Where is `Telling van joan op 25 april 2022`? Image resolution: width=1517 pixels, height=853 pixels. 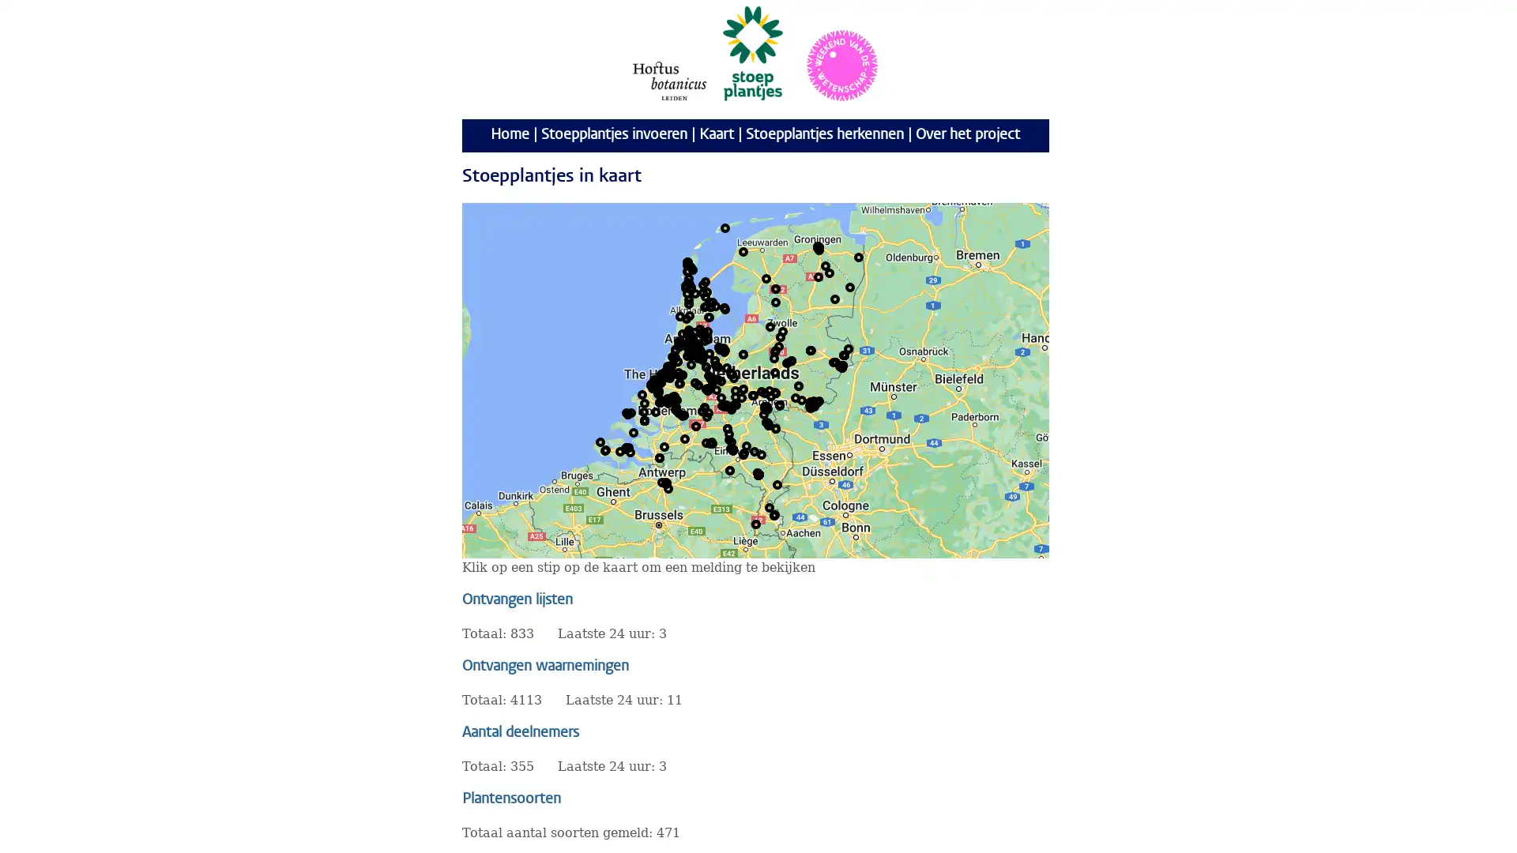
Telling van joan op 25 april 2022 is located at coordinates (705, 389).